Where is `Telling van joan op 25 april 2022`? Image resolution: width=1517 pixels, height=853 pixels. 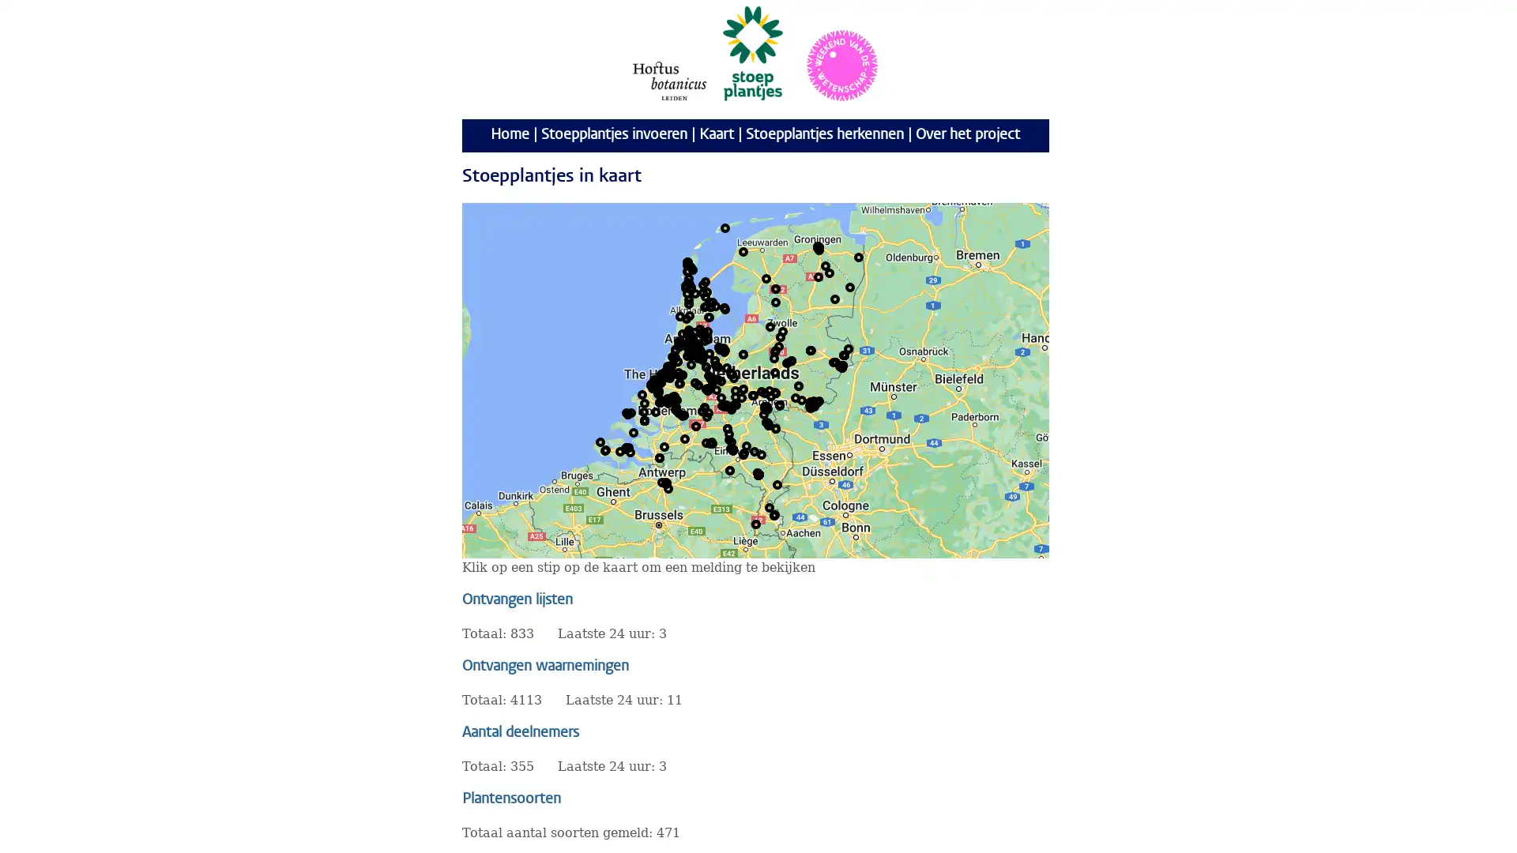
Telling van joan op 25 april 2022 is located at coordinates (705, 389).